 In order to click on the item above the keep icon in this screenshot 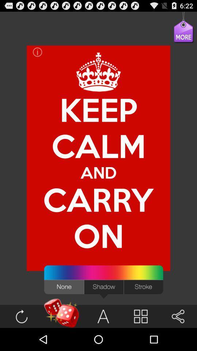, I will do `click(177, 35)`.